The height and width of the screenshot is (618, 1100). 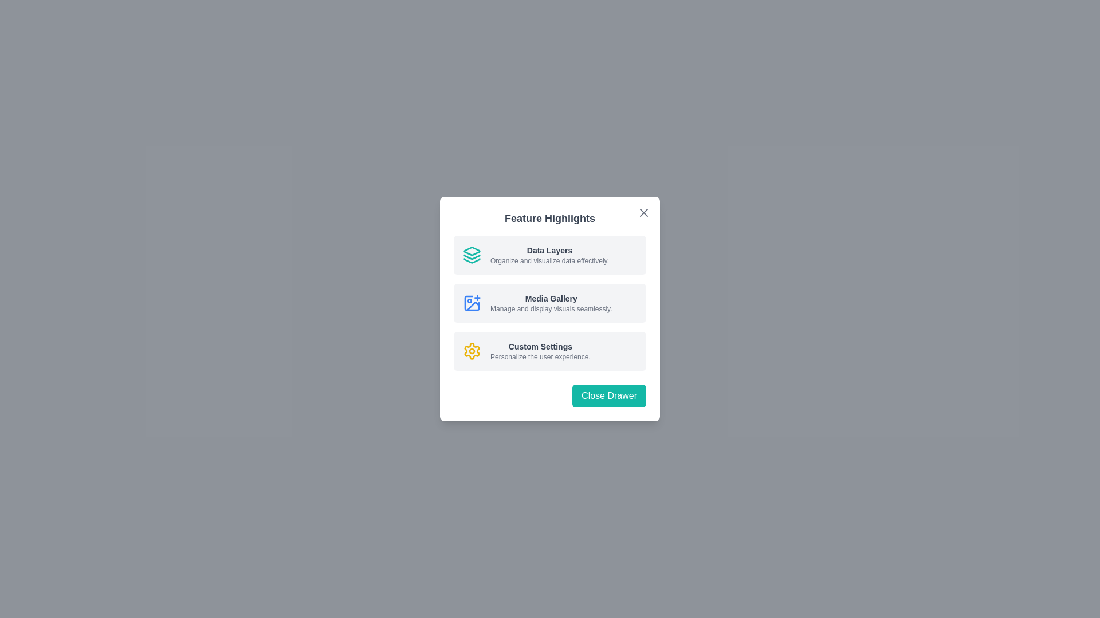 I want to click on the 'Media Gallery' text section in the navigational list item, so click(x=551, y=302).